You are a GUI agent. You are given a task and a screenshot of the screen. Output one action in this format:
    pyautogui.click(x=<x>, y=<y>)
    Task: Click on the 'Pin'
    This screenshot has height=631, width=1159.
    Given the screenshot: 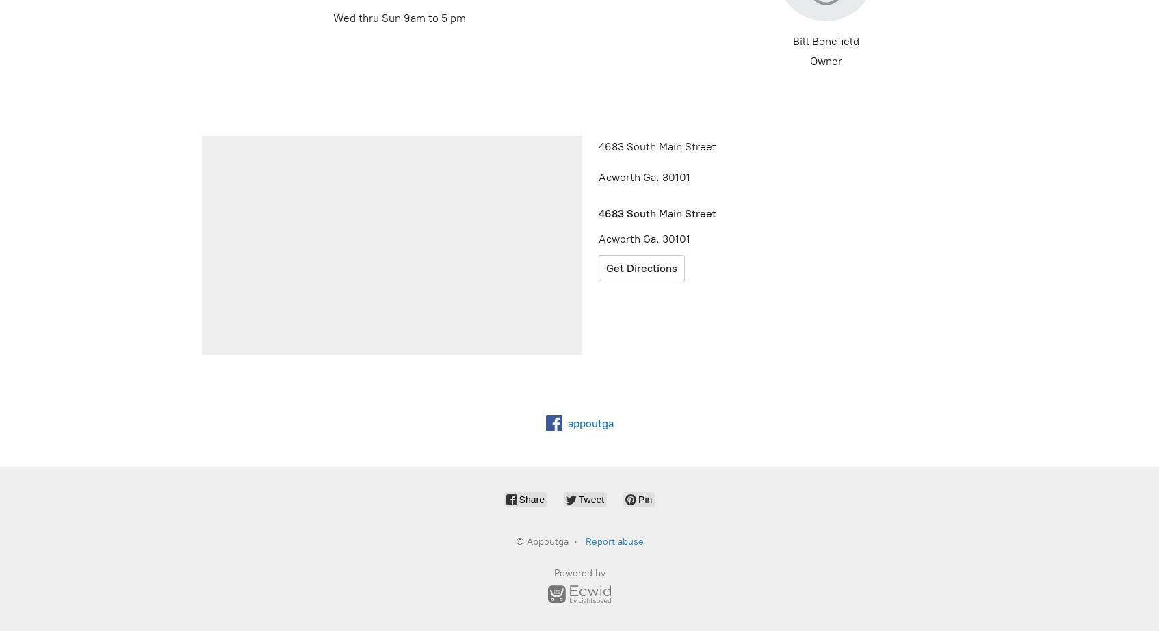 What is the action you would take?
    pyautogui.click(x=638, y=499)
    